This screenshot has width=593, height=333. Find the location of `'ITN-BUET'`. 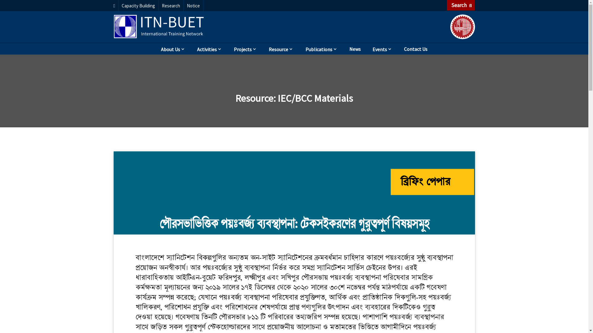

'ITN-BUET' is located at coordinates (159, 26).